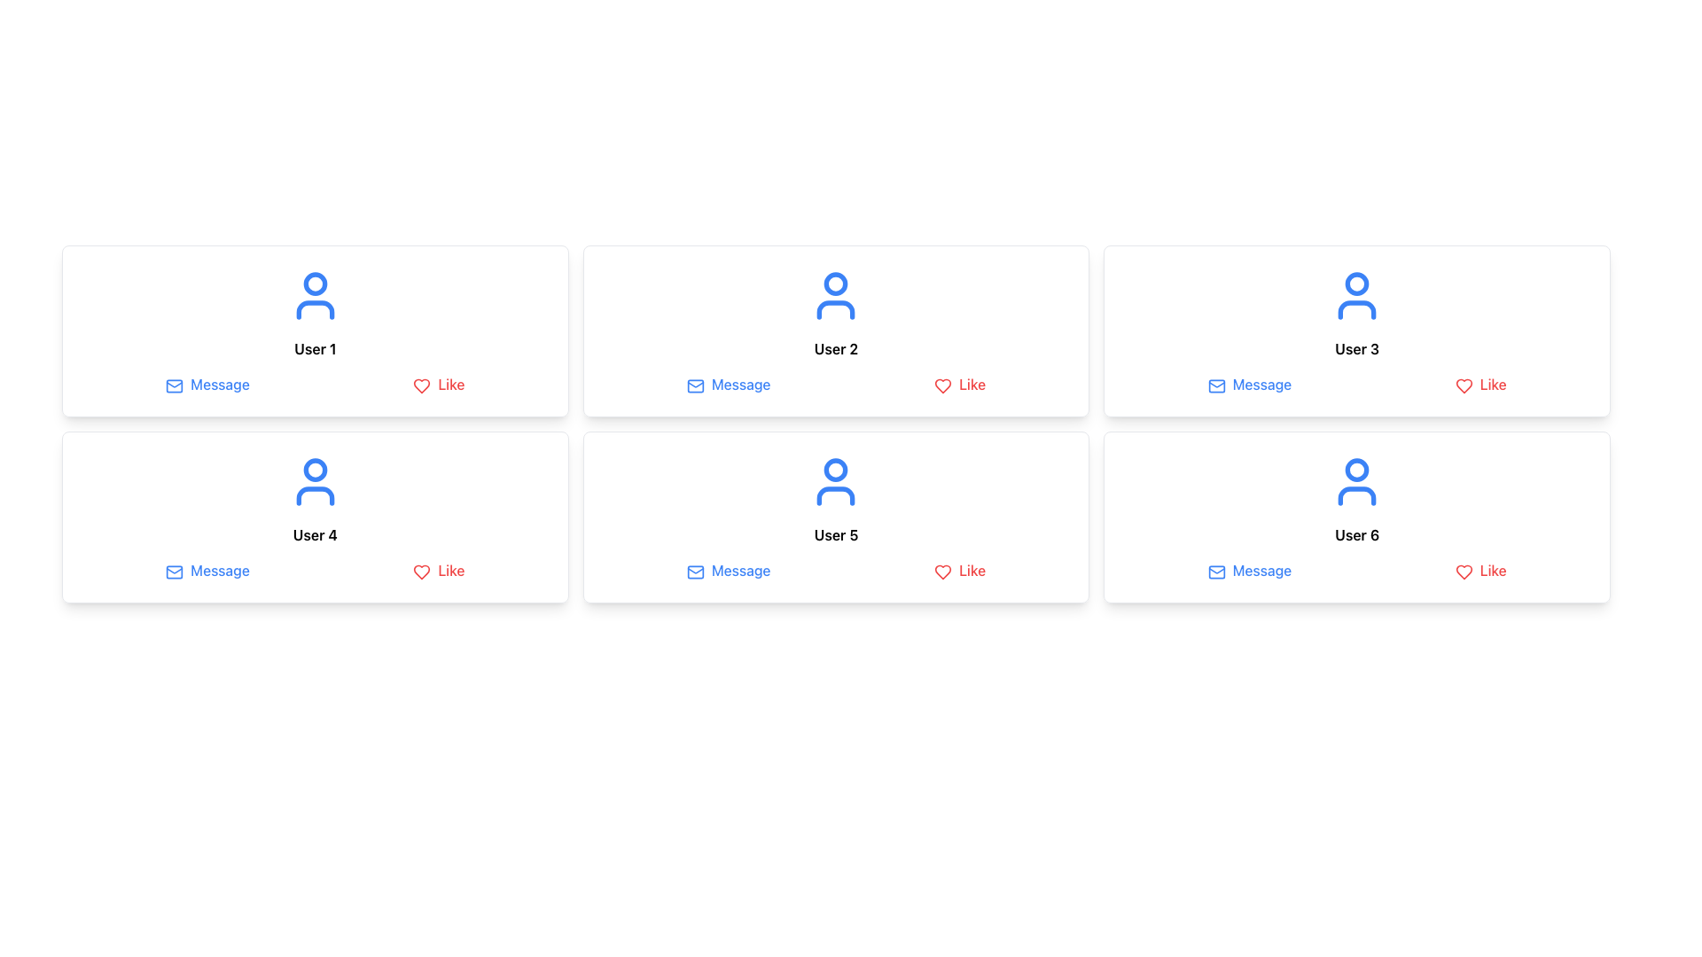 The width and height of the screenshot is (1702, 957). I want to click on the outline of the shoulders and upper part of the user's torso depicted in blue stroke within the 'User 4' card, so click(315, 495).